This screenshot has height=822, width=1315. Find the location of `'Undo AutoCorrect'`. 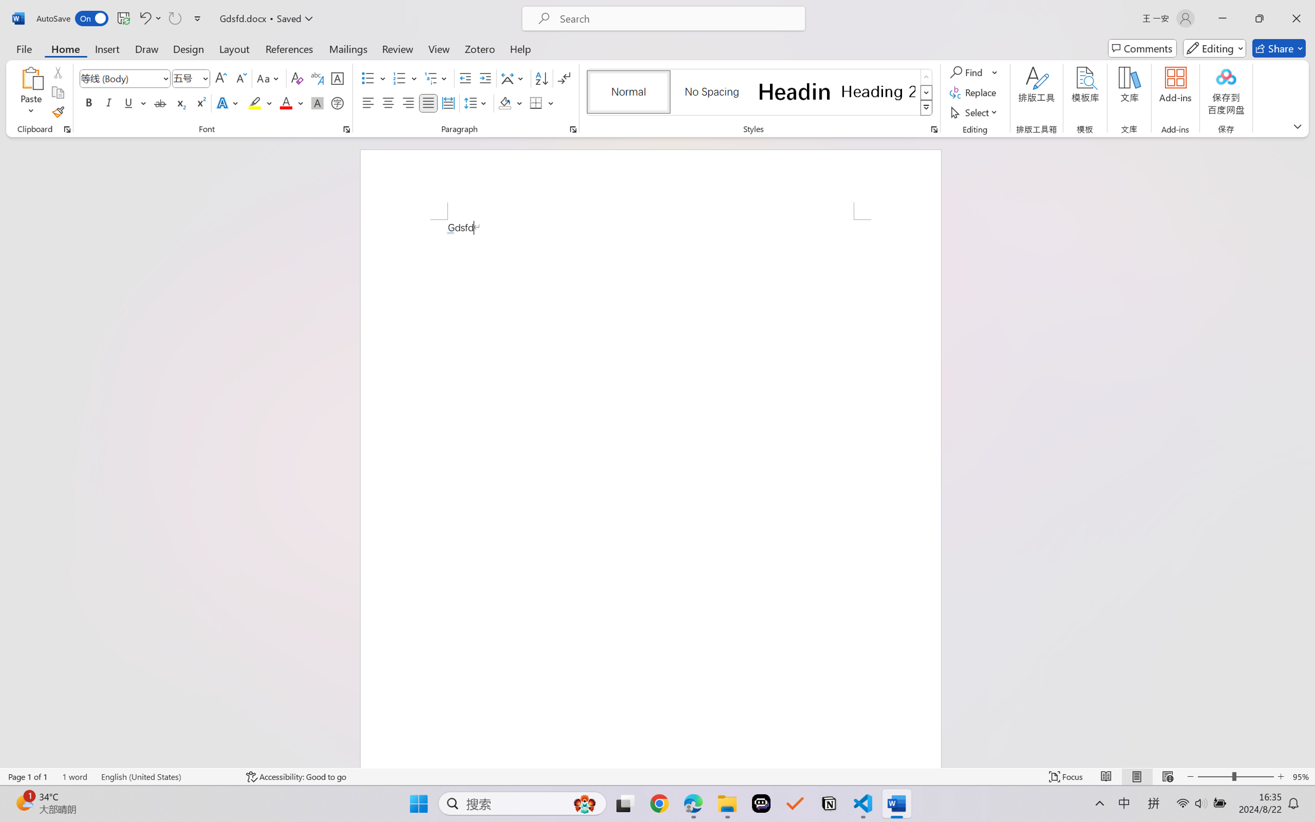

'Undo AutoCorrect' is located at coordinates (149, 18).